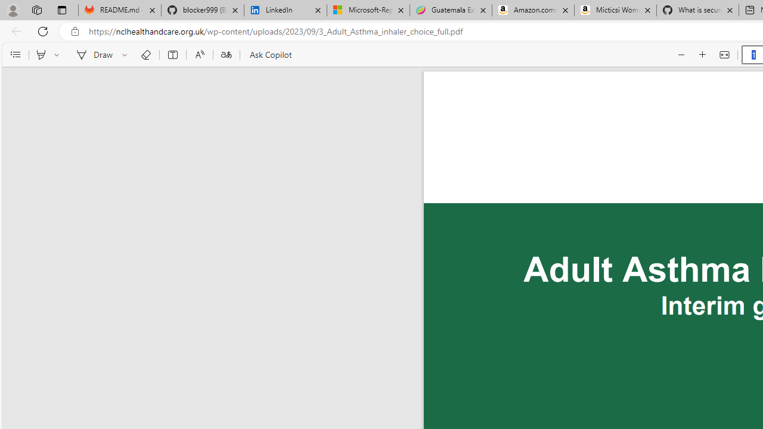 The height and width of the screenshot is (429, 763). Describe the element at coordinates (58, 55) in the screenshot. I see `'Select a highlight color'` at that location.